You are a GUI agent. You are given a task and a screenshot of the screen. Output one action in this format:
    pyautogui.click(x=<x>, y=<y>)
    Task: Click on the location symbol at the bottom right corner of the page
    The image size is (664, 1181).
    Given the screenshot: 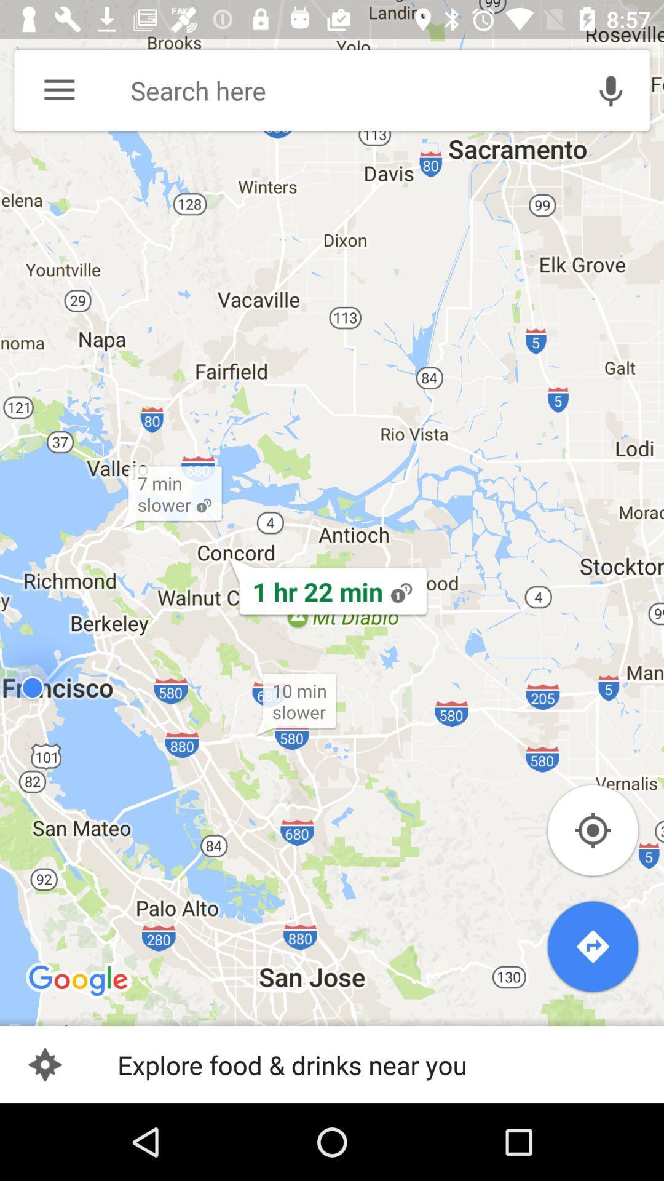 What is the action you would take?
    pyautogui.click(x=592, y=830)
    